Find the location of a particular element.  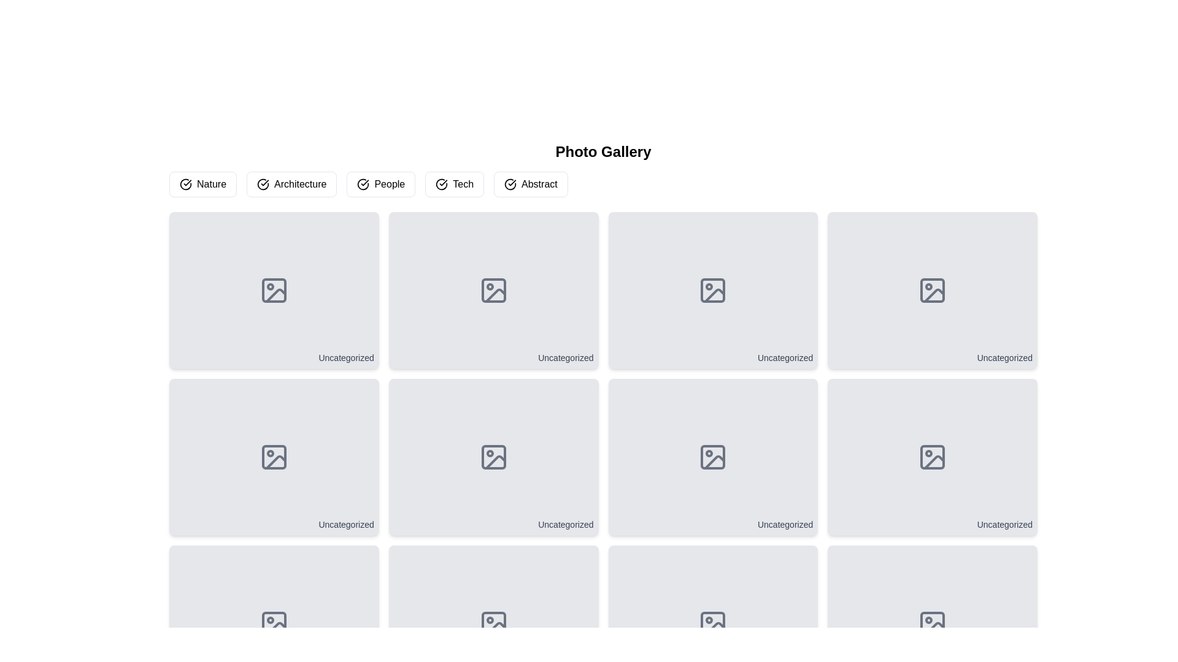

the picture frame icon with a gray outline and sun and mountain design, located centrally within the gray background card in the bottom row of the grid layout is located at coordinates (713, 624).